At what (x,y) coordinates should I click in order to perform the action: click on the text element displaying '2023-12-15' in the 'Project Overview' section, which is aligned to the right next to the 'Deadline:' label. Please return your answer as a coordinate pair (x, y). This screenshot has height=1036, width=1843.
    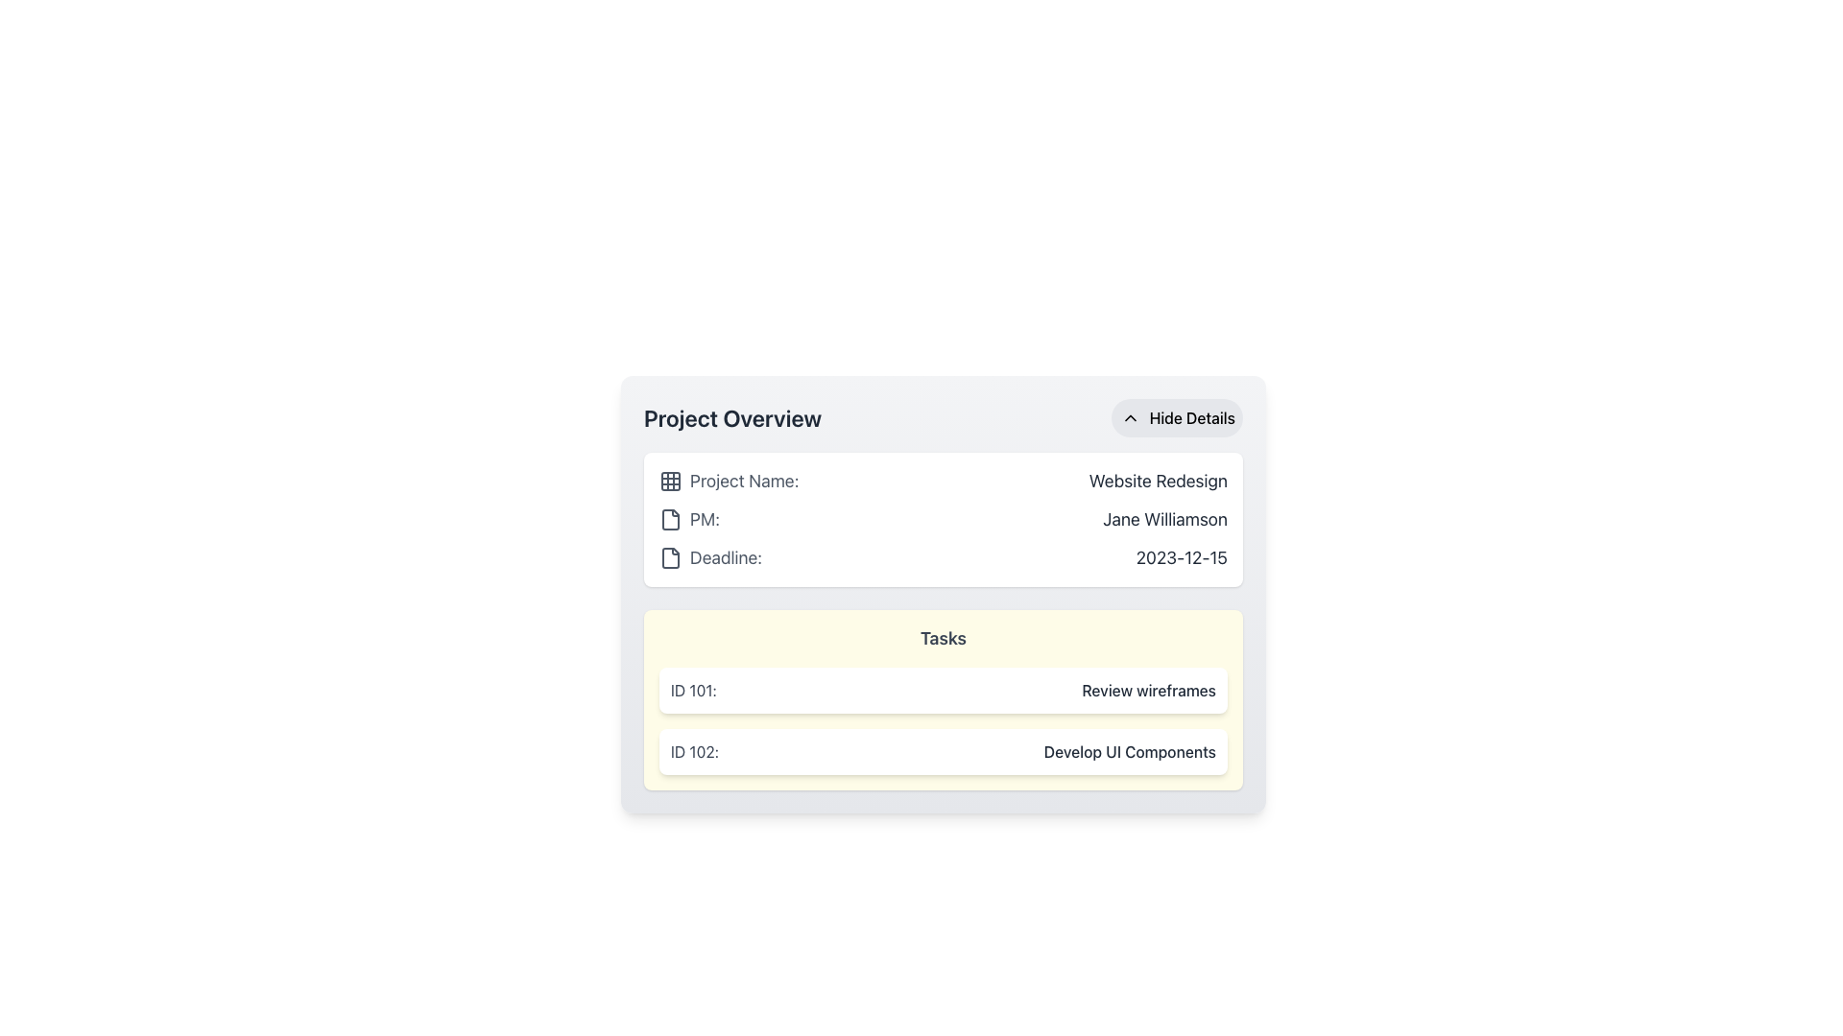
    Looking at the image, I should click on (1181, 558).